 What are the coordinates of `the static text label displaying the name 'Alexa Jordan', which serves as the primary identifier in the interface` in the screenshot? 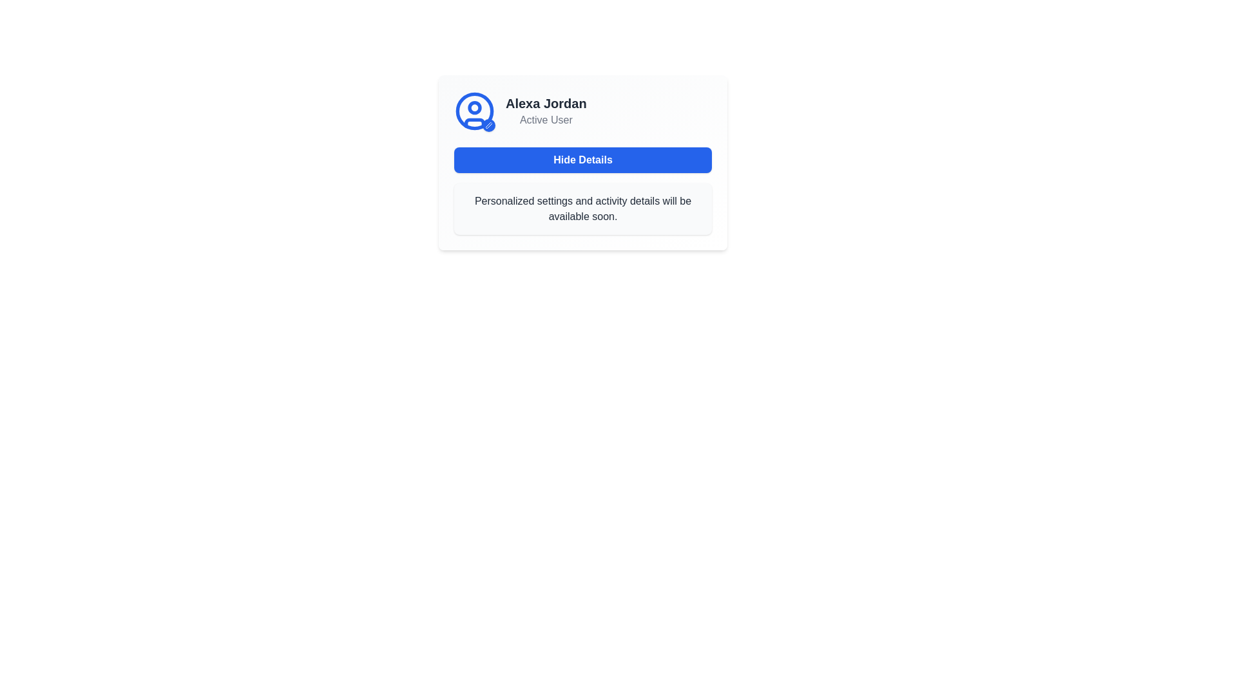 It's located at (546, 103).